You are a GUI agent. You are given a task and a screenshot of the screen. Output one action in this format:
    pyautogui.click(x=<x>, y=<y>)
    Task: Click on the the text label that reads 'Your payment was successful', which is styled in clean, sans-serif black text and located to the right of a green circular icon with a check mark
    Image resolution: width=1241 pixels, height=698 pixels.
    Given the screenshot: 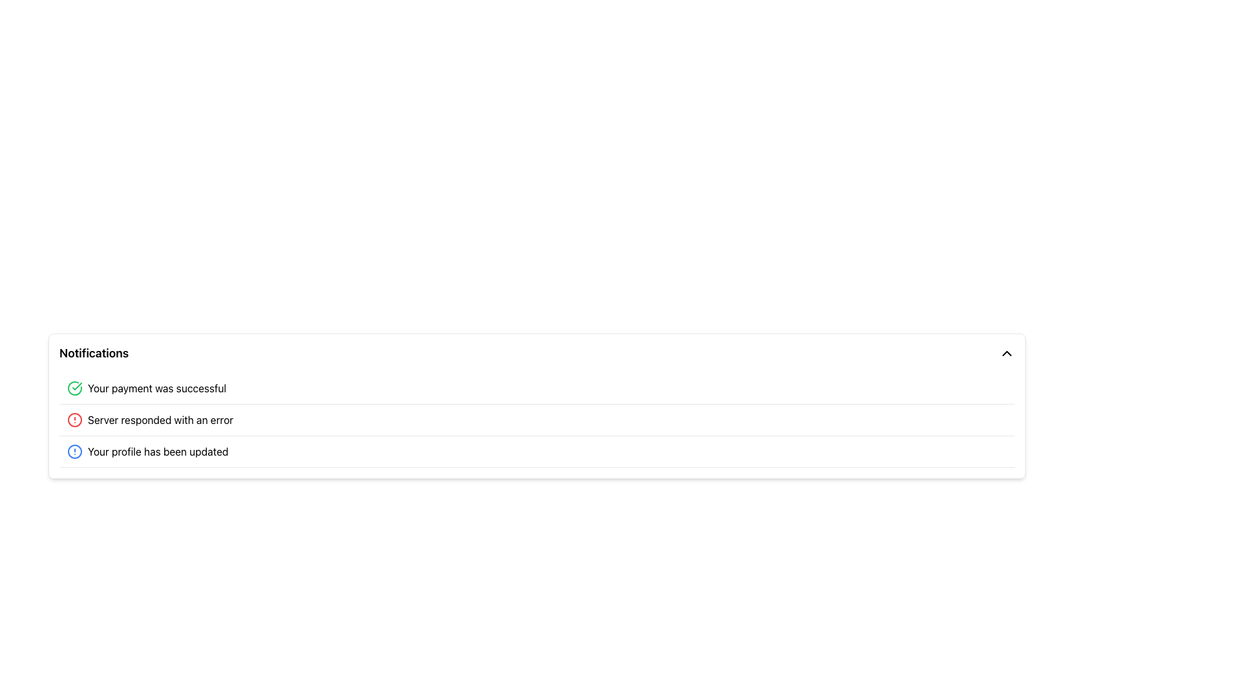 What is the action you would take?
    pyautogui.click(x=156, y=388)
    